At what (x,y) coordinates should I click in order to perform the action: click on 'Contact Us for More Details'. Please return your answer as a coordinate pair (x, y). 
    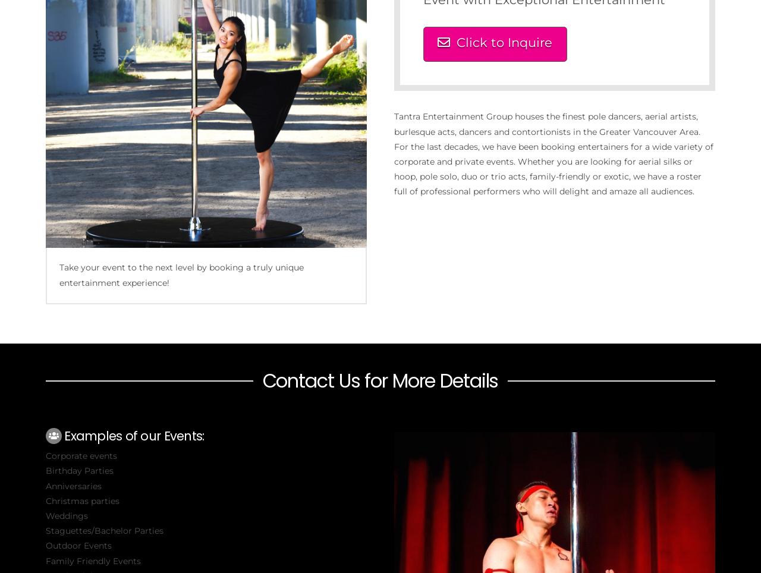
    Looking at the image, I should click on (379, 380).